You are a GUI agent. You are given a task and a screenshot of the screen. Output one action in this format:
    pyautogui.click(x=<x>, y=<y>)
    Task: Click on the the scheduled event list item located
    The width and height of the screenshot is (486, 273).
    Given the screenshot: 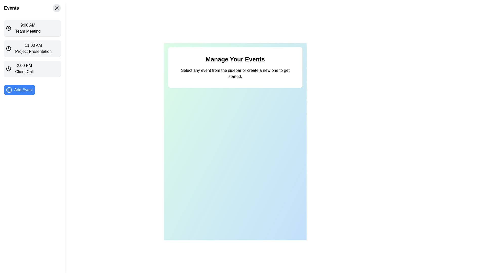 What is the action you would take?
    pyautogui.click(x=32, y=49)
    